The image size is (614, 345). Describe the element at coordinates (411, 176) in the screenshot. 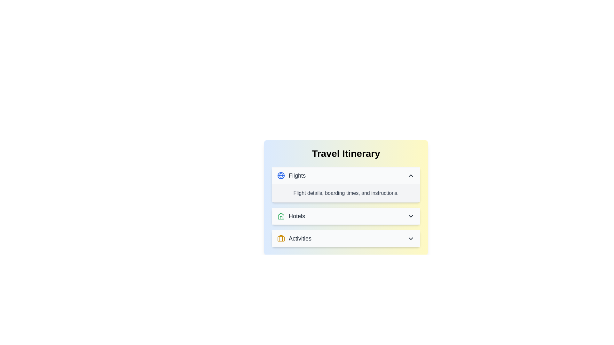

I see `the Chevron-Up icon located at the rightmost part of the 'Flights' section header to possibly see a tooltip` at that location.